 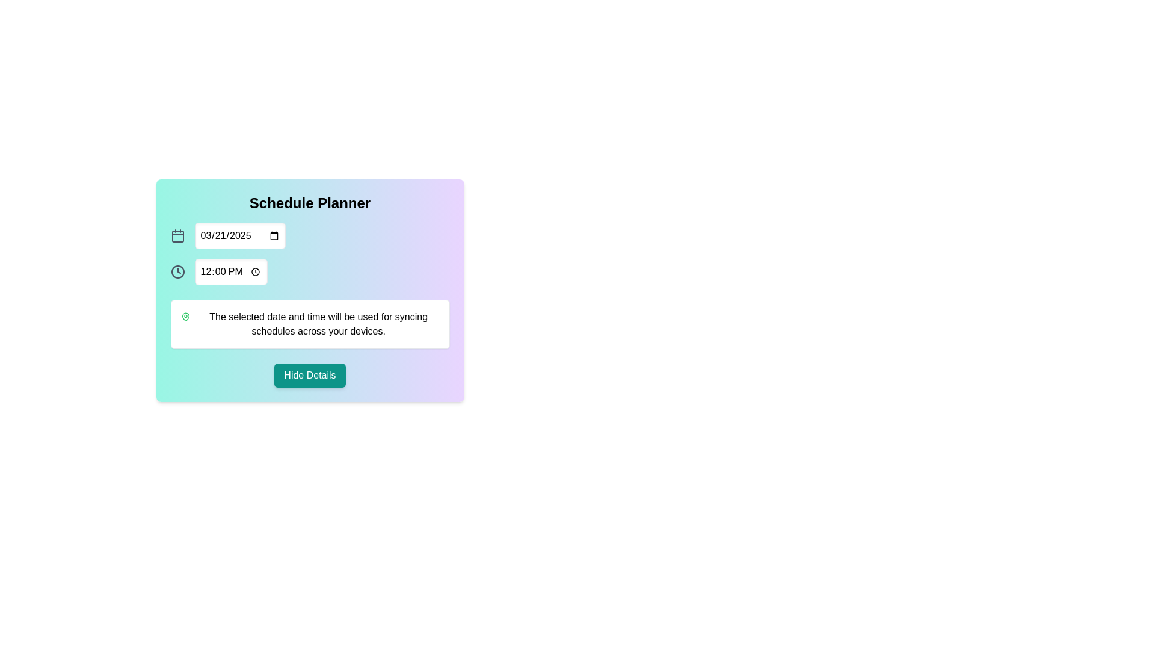 I want to click on the gray calendar icon with a grid-like pattern located to the left of the date input field showing '03/21/2025', so click(x=177, y=236).